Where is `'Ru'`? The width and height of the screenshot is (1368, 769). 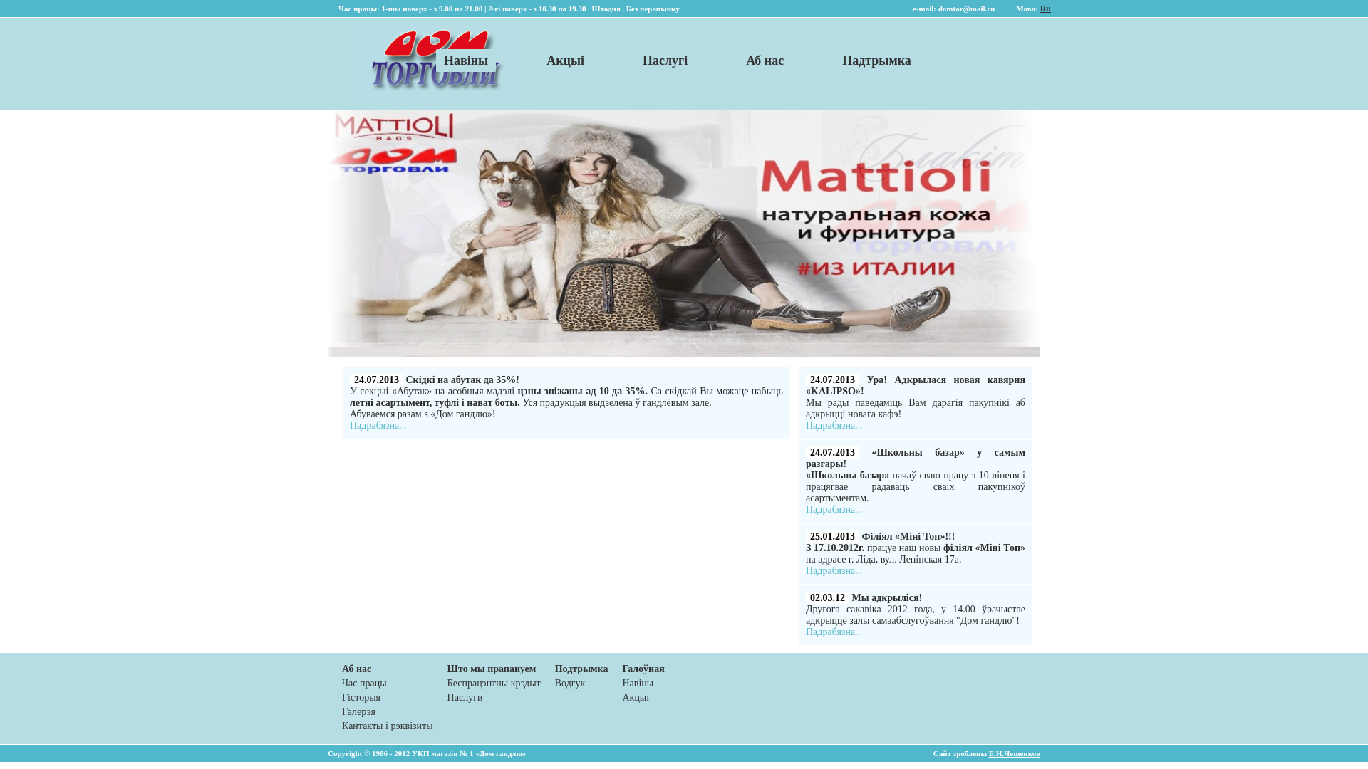 'Ru' is located at coordinates (1045, 8).